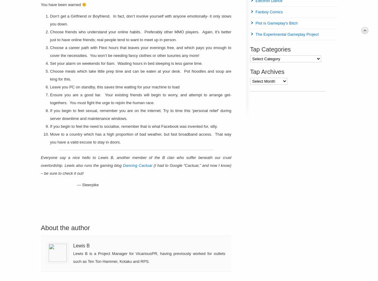 This screenshot has width=378, height=281. What do you see at coordinates (88, 185) in the screenshot?
I see `'— Steerpike'` at bounding box center [88, 185].